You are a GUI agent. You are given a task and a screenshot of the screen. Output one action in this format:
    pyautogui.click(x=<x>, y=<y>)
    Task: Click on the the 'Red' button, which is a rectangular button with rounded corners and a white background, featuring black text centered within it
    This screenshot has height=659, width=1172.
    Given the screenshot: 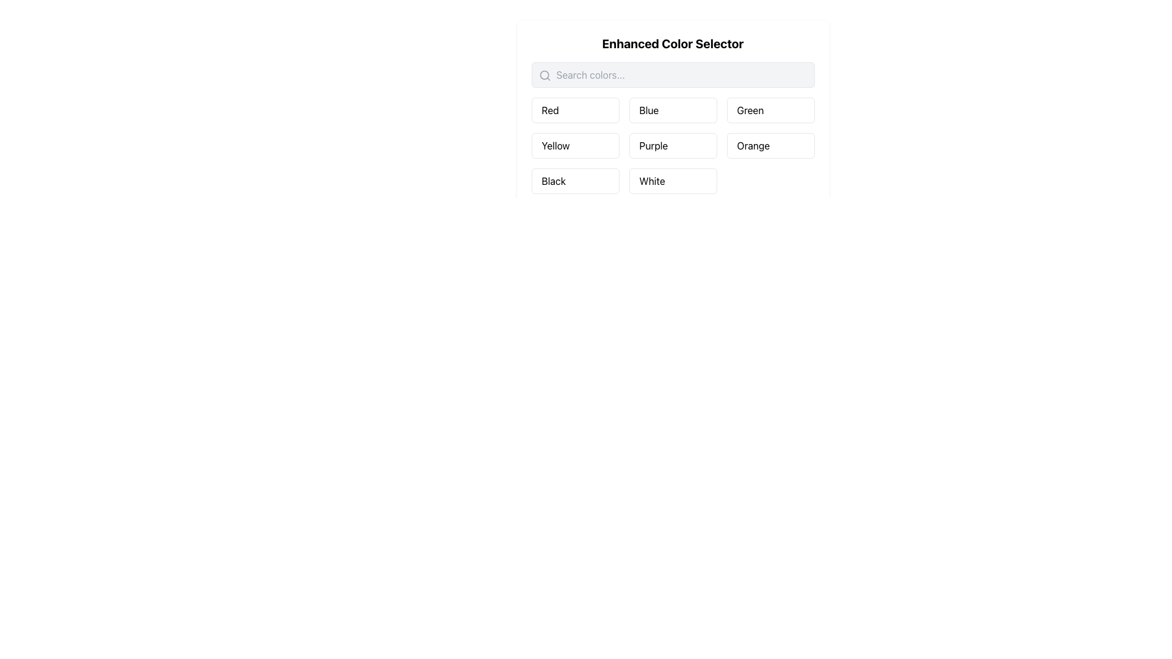 What is the action you would take?
    pyautogui.click(x=574, y=110)
    